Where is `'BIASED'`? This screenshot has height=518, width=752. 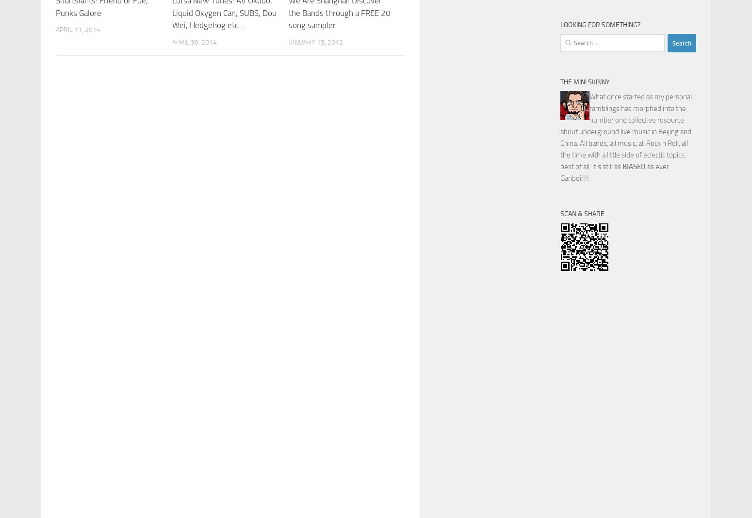
'BIASED' is located at coordinates (621, 167).